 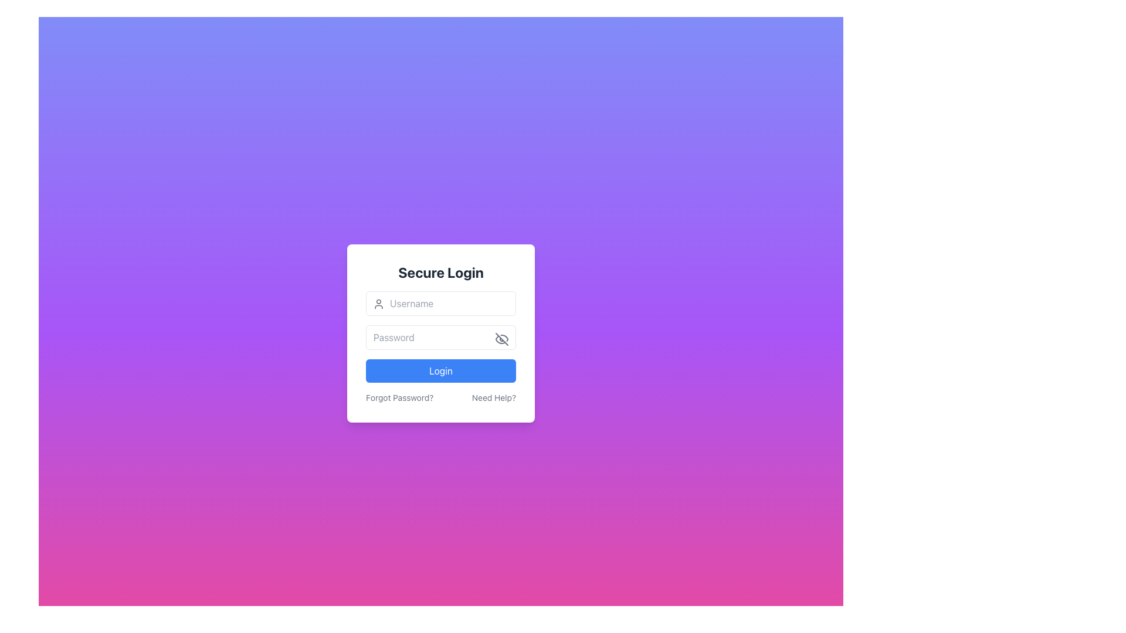 What do you see at coordinates (501, 339) in the screenshot?
I see `the icon button (visibility toggle) located at the far right of the password input field` at bounding box center [501, 339].